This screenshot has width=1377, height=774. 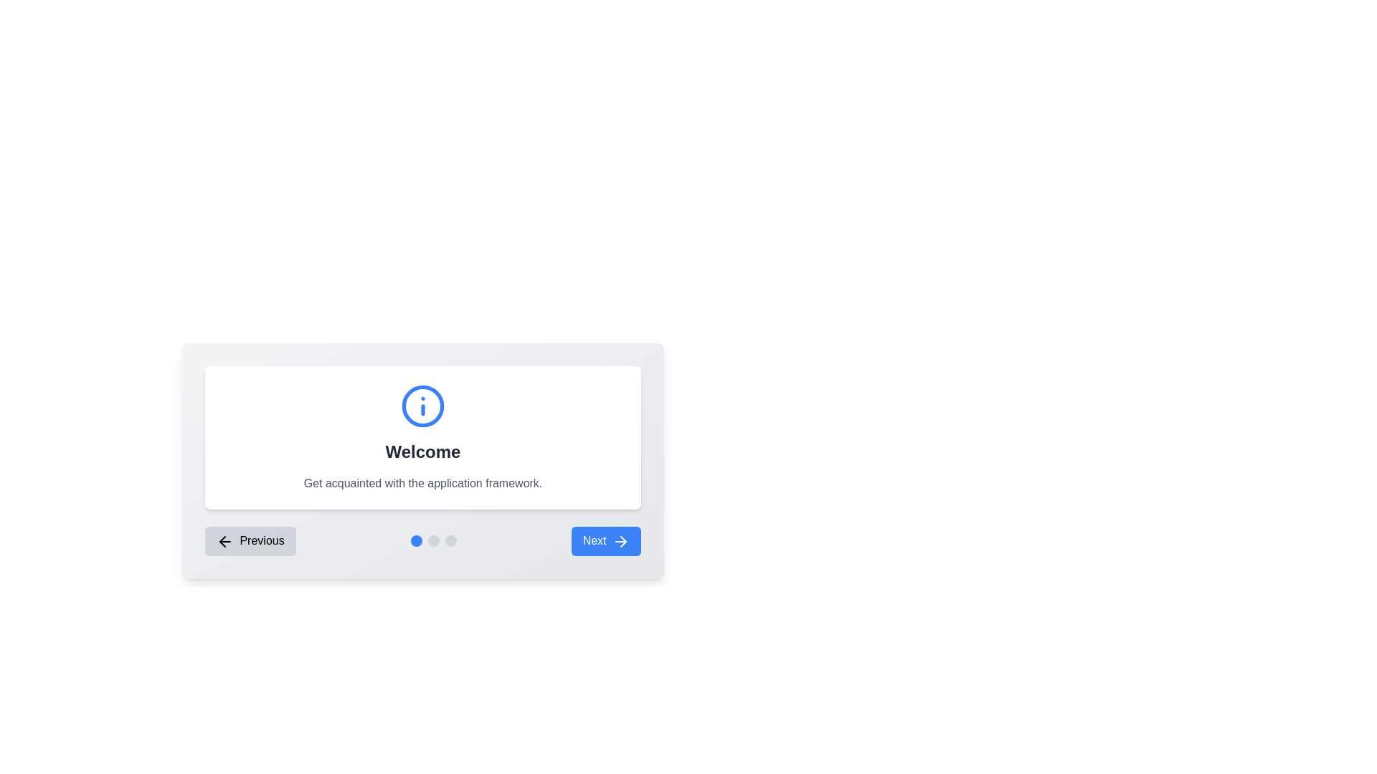 I want to click on the 'Next' button, which contains the arrow graphic indicating progression, to proceed, so click(x=623, y=541).